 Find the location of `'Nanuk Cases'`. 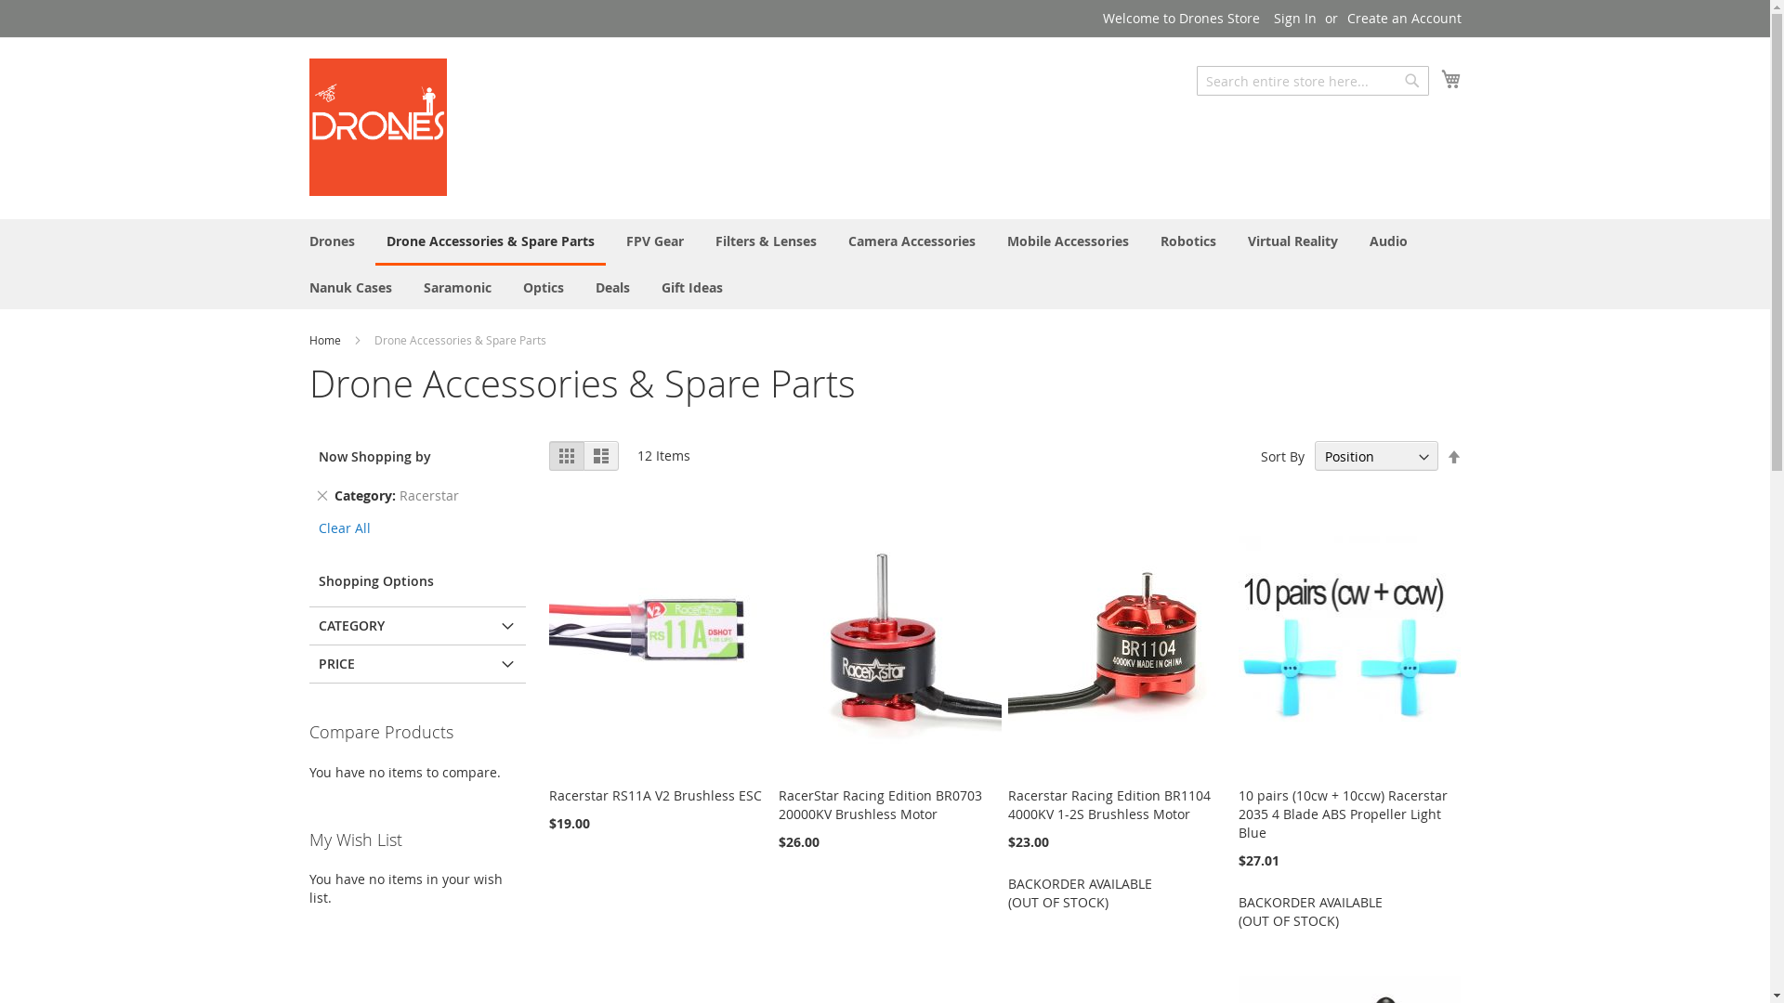

'Nanuk Cases' is located at coordinates (349, 287).